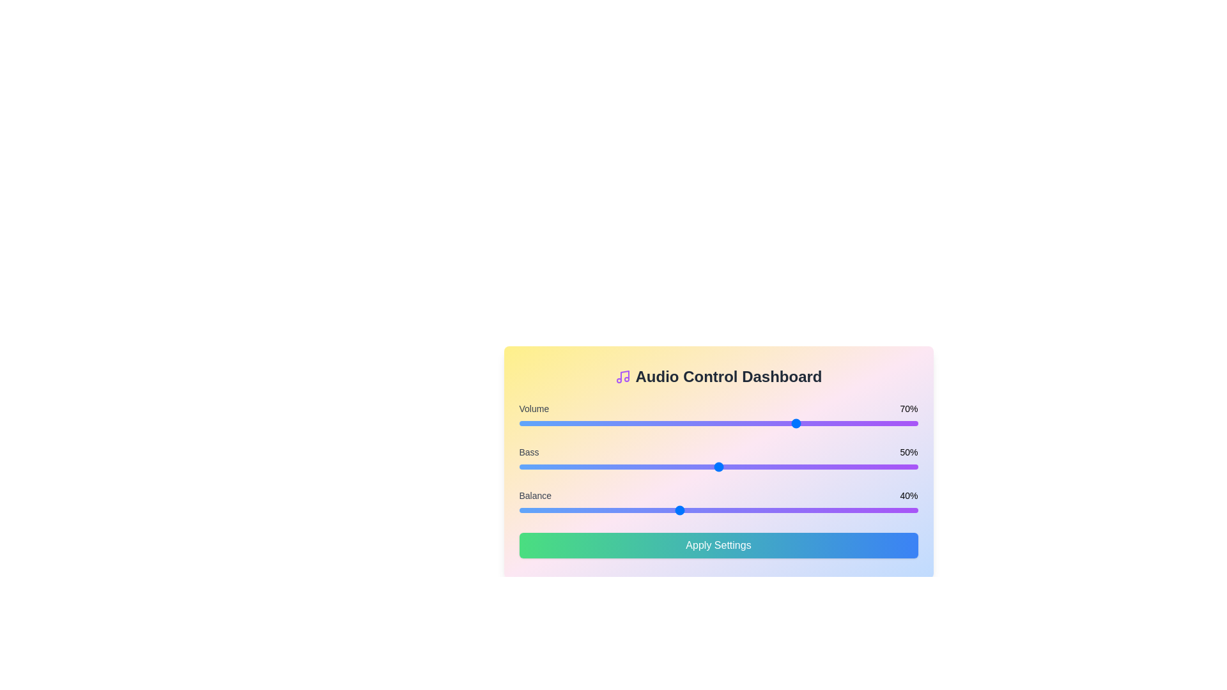 Image resolution: width=1227 pixels, height=690 pixels. I want to click on the 'Apply Settings' button located at the bottom of the 'Audio Control Dashboard', which has a gradient background and displays white bold text, so click(718, 545).